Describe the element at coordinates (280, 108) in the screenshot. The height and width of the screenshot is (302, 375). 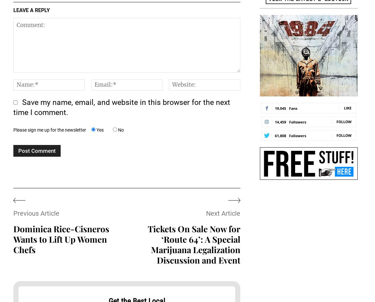
I see `'19,045'` at that location.